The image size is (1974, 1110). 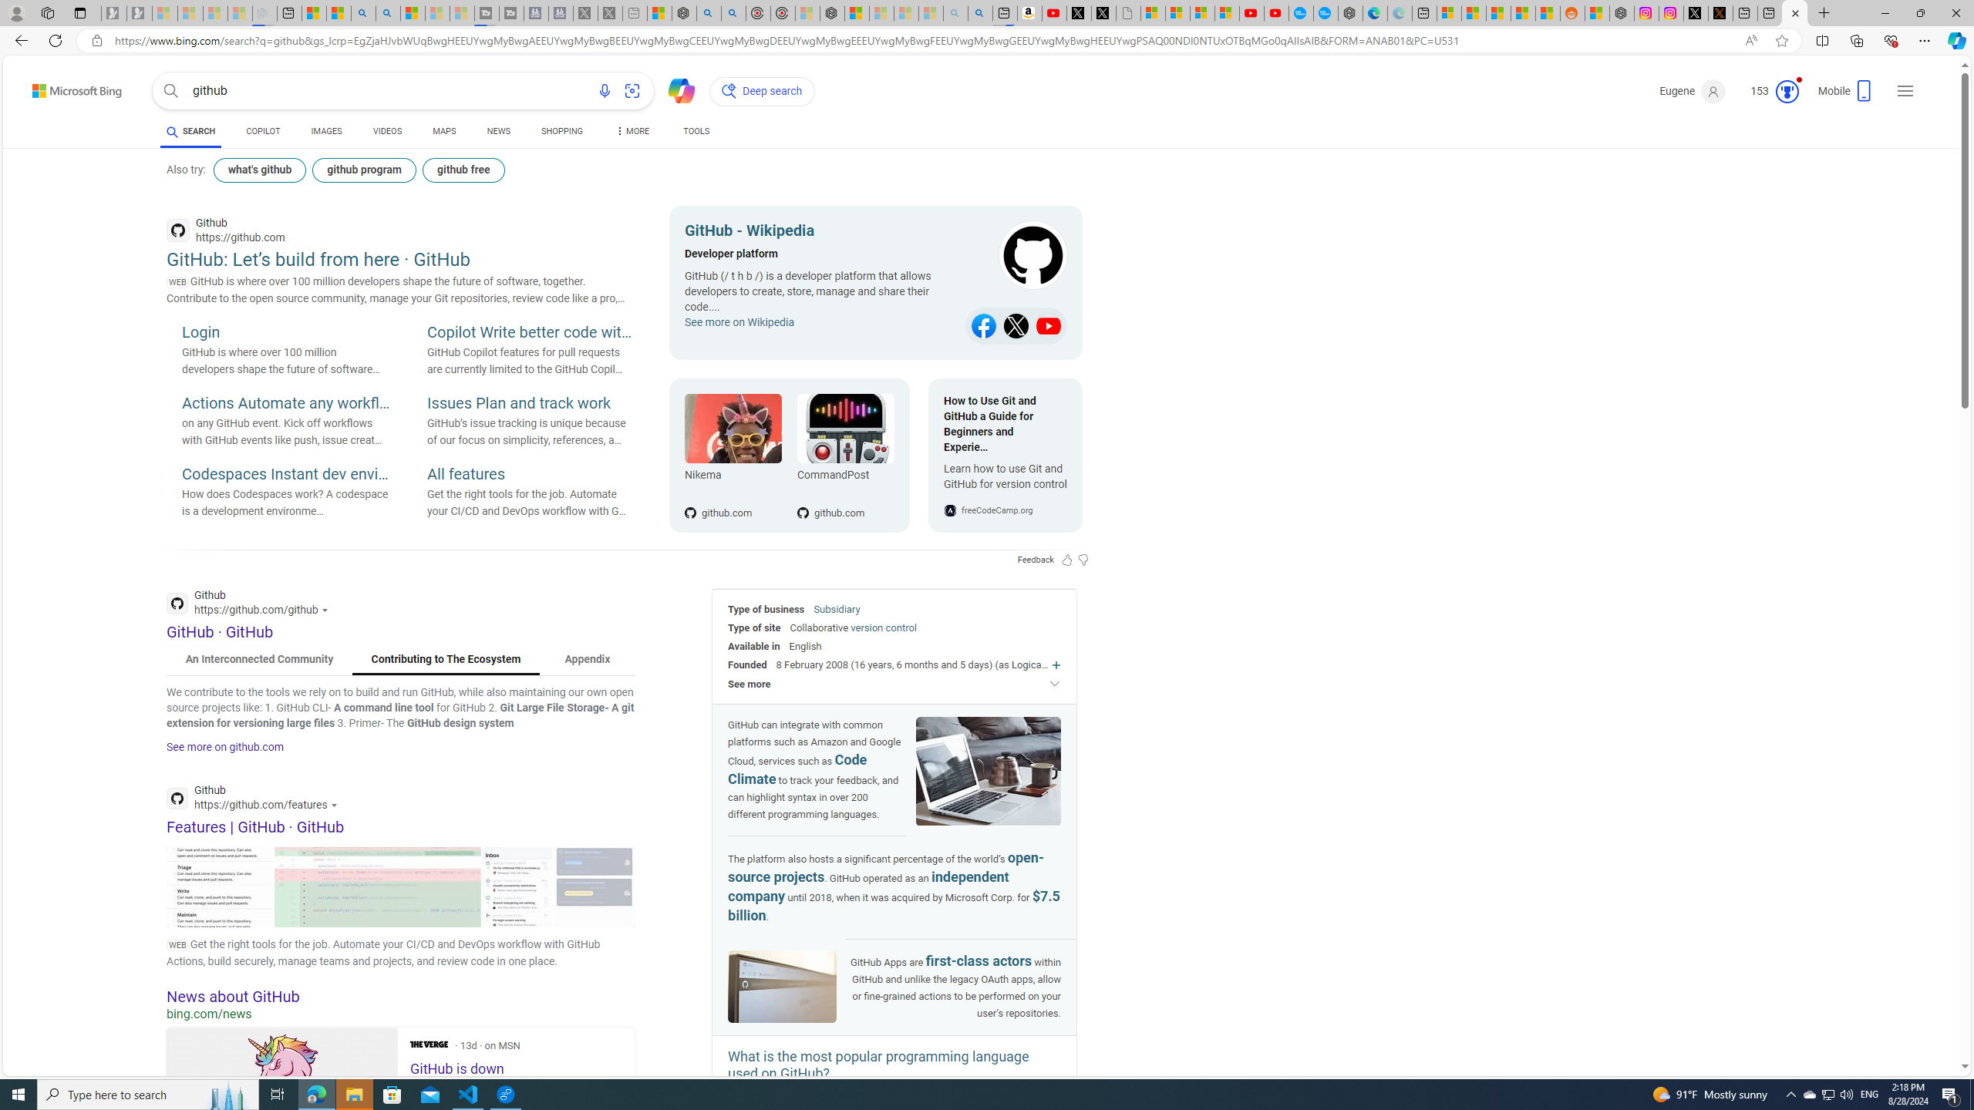 I want to click on 'github free', so click(x=463, y=170).